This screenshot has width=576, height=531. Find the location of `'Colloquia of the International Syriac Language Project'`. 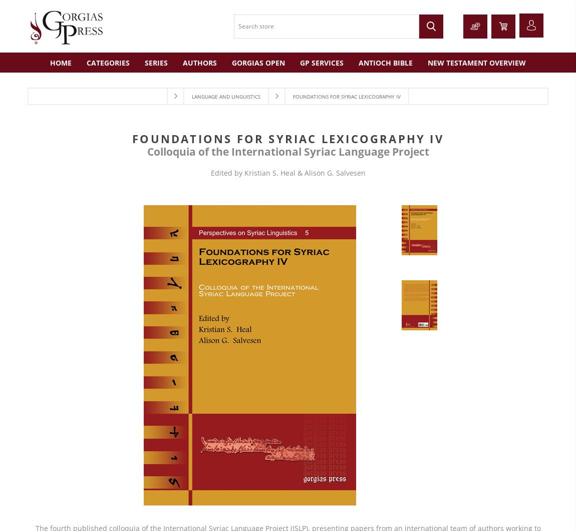

'Colloquia of the International Syriac Language Project' is located at coordinates (287, 150).